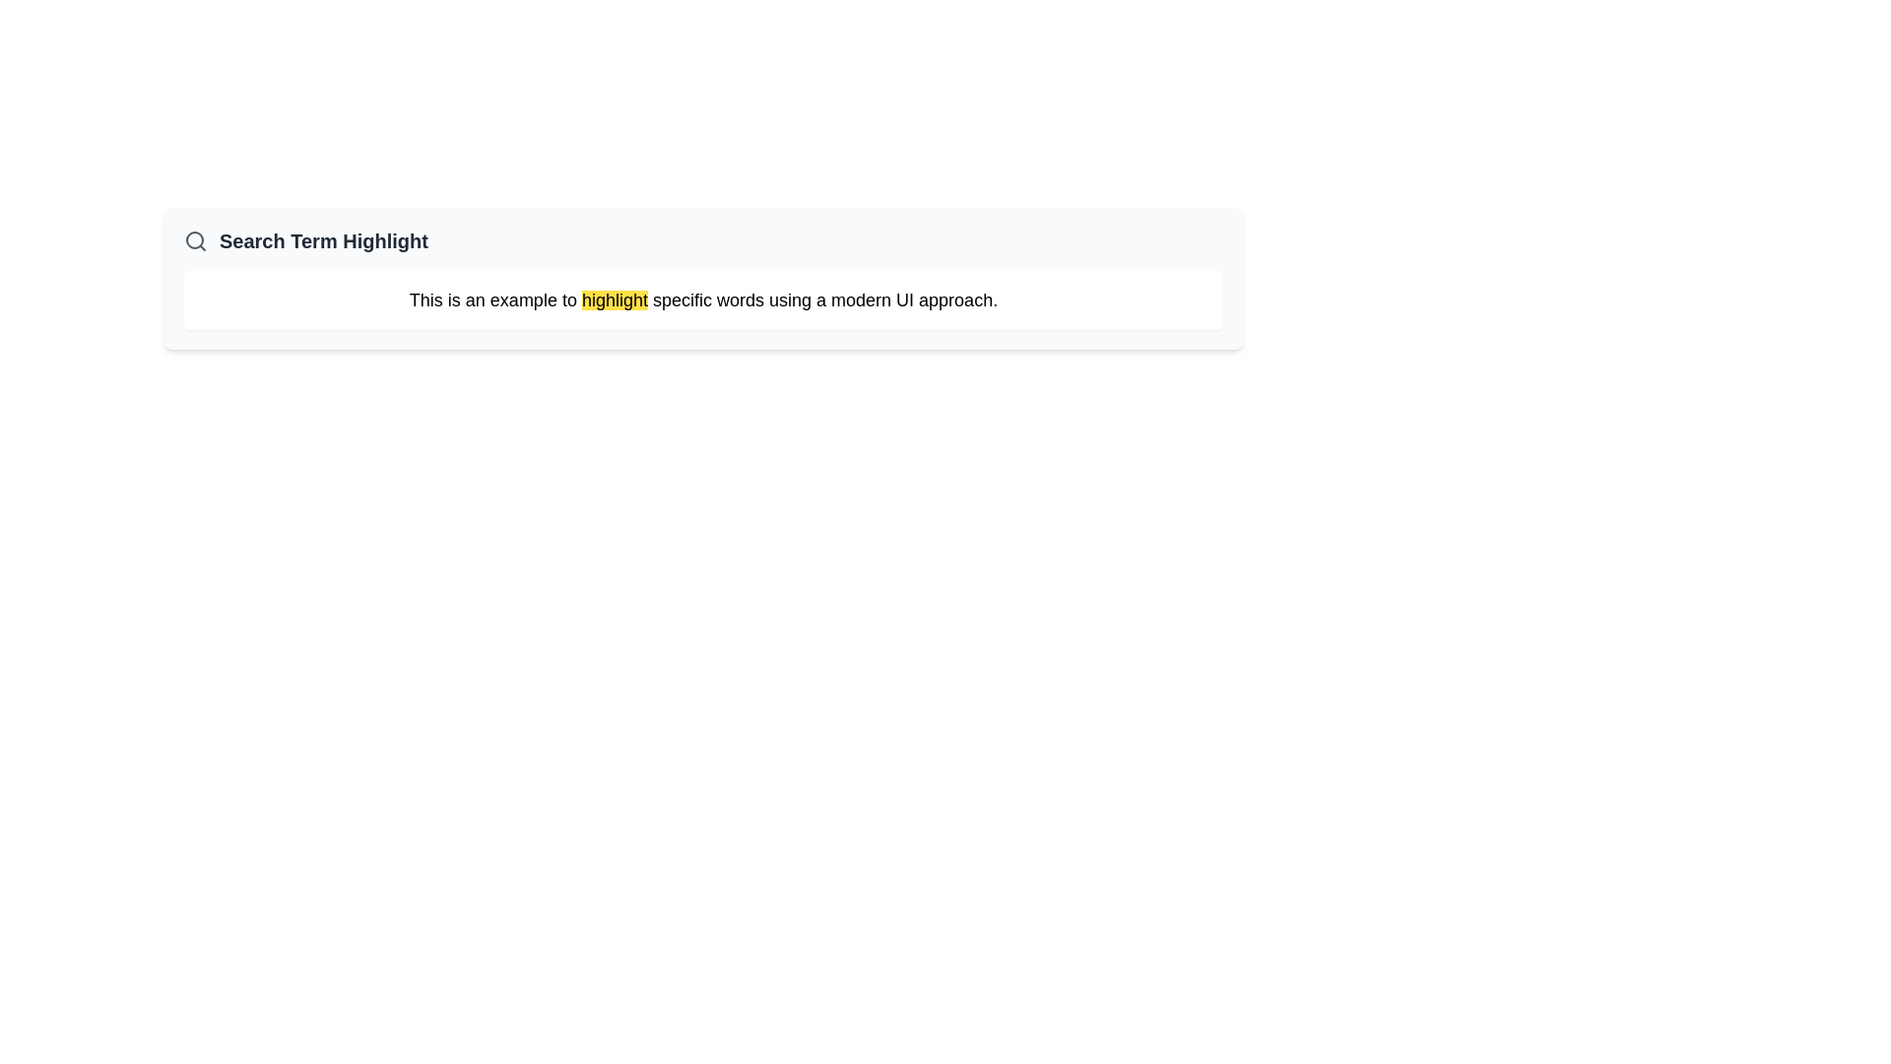 This screenshot has width=1891, height=1064. What do you see at coordinates (614, 299) in the screenshot?
I see `the text component containing the word 'highlight', which has a yellow background` at bounding box center [614, 299].